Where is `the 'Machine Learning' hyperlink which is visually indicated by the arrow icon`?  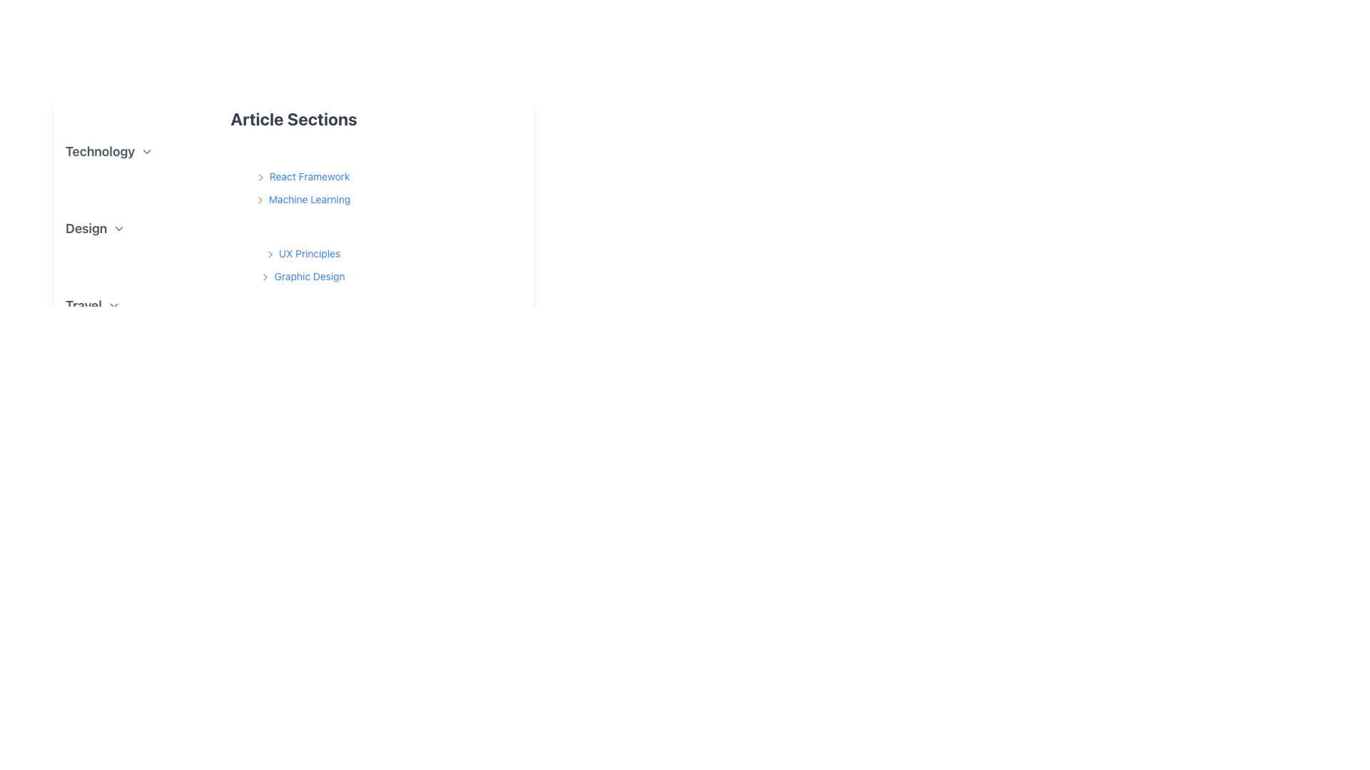
the 'Machine Learning' hyperlink which is visually indicated by the arrow icon is located at coordinates (260, 200).